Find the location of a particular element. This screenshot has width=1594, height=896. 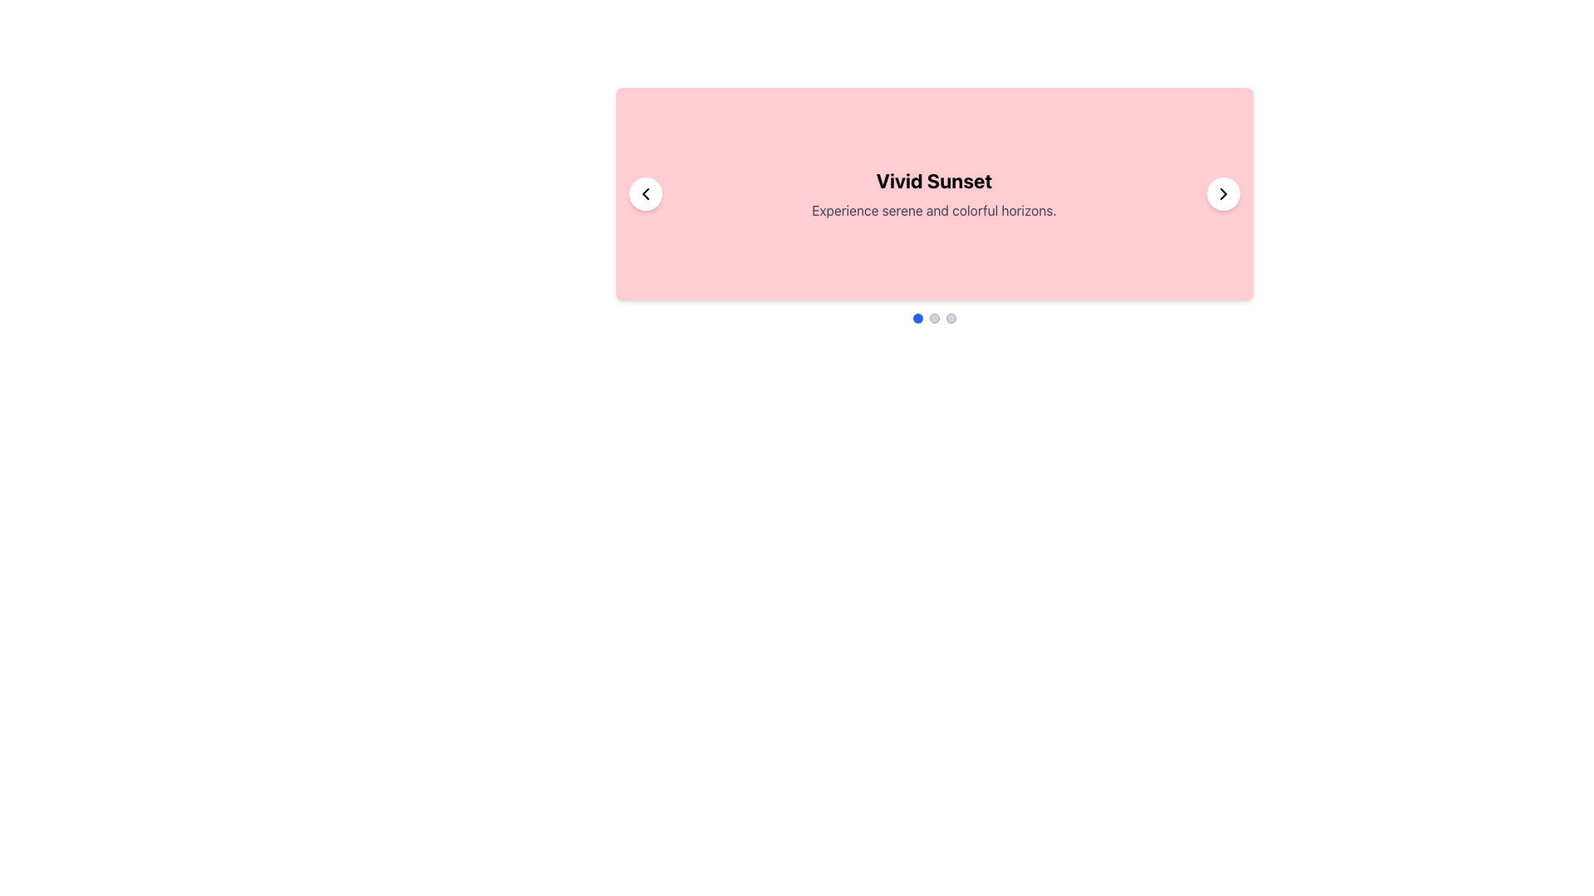

the left-facing chevron icon within the white circular button is located at coordinates (644, 193).